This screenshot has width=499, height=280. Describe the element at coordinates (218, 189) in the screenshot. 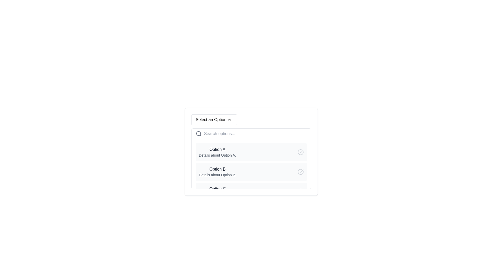

I see `the 'Option C' text label` at that location.